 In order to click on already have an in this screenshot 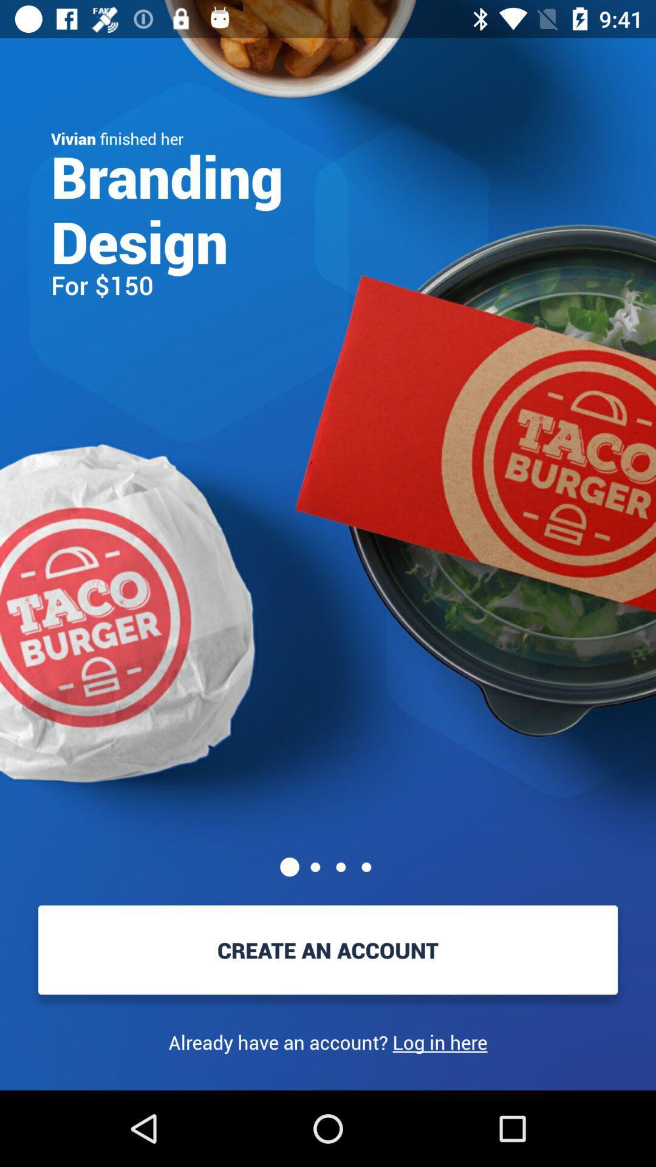, I will do `click(328, 1042)`.